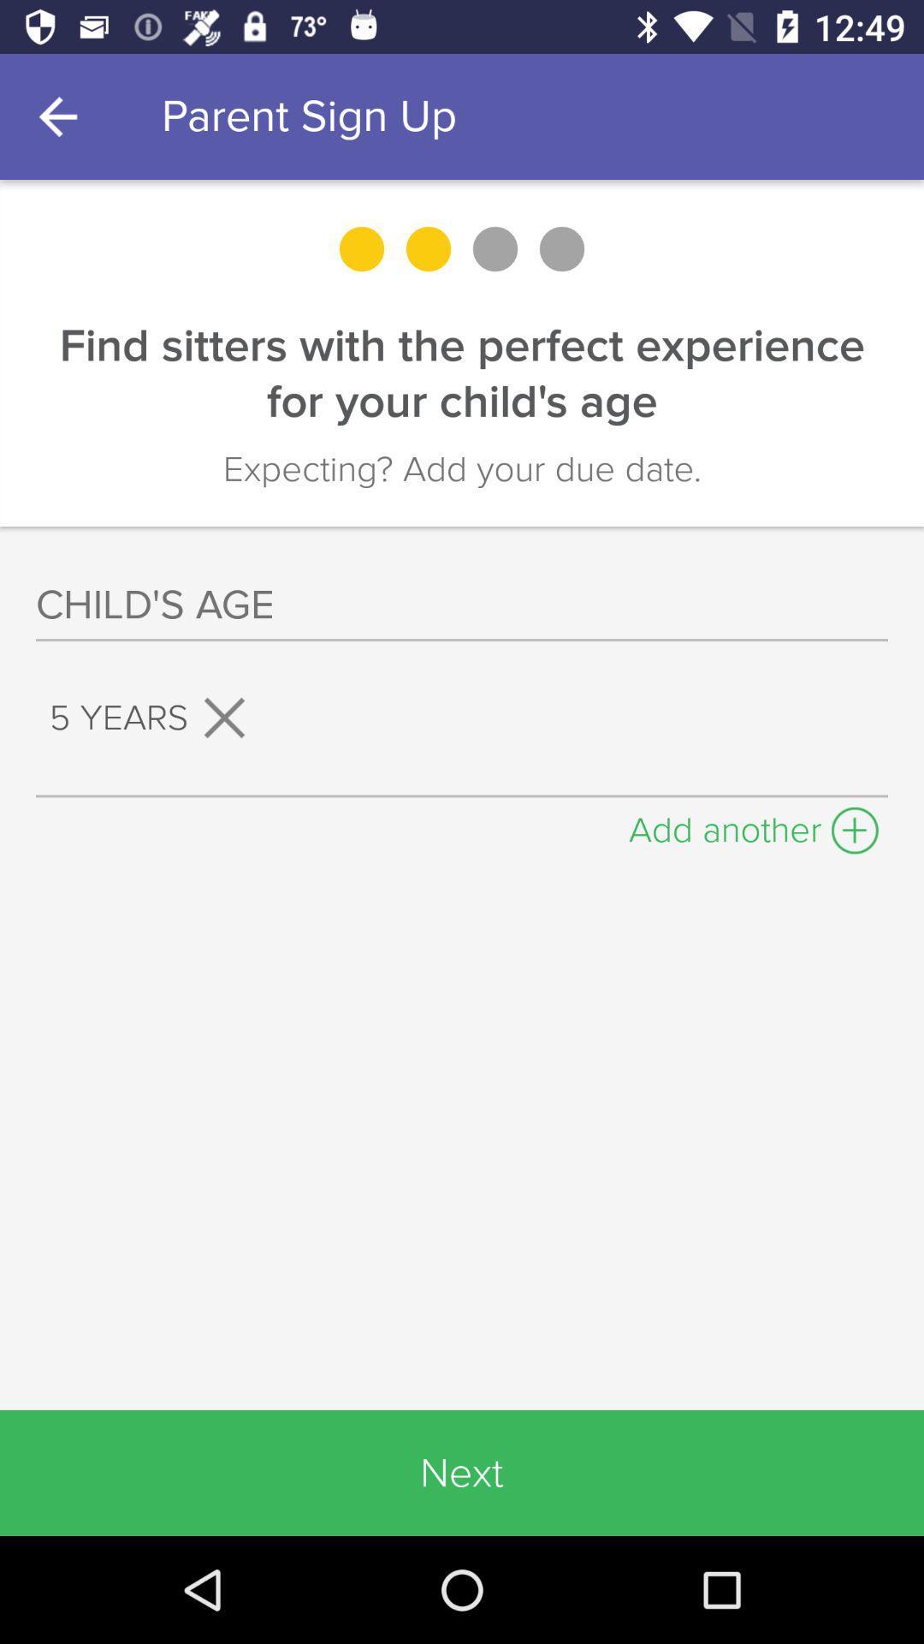  I want to click on icon above next icon, so click(753, 825).